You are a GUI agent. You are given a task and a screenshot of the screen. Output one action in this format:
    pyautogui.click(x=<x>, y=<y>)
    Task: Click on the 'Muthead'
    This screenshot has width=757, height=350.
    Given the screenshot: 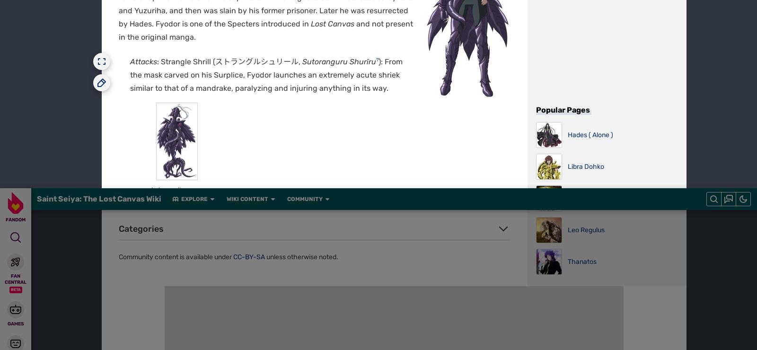 What is the action you would take?
    pyautogui.click(x=175, y=17)
    